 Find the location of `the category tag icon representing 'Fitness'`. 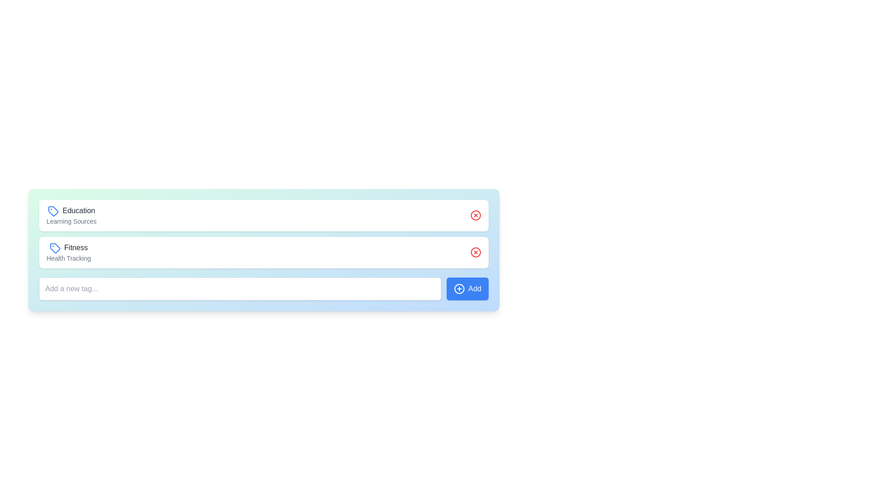

the category tag icon representing 'Fitness' is located at coordinates (54, 248).